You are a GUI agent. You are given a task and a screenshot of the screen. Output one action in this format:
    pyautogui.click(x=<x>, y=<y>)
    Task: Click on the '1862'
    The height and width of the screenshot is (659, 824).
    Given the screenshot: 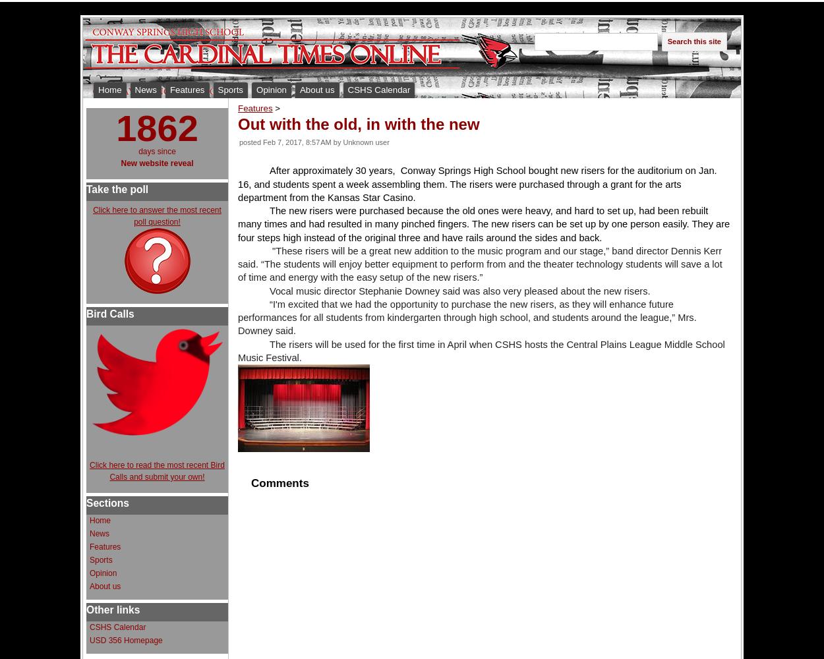 What is the action you would take?
    pyautogui.click(x=156, y=127)
    